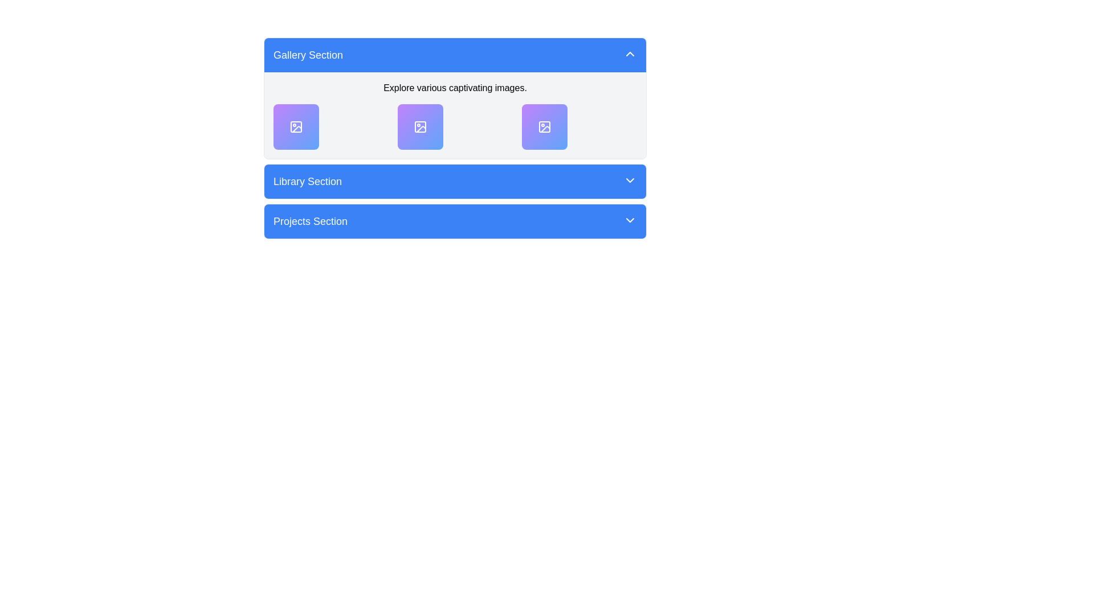 This screenshot has width=1094, height=615. I want to click on the 'Projects Section' text label, which is styled in bold white font on a blue background, so click(311, 222).